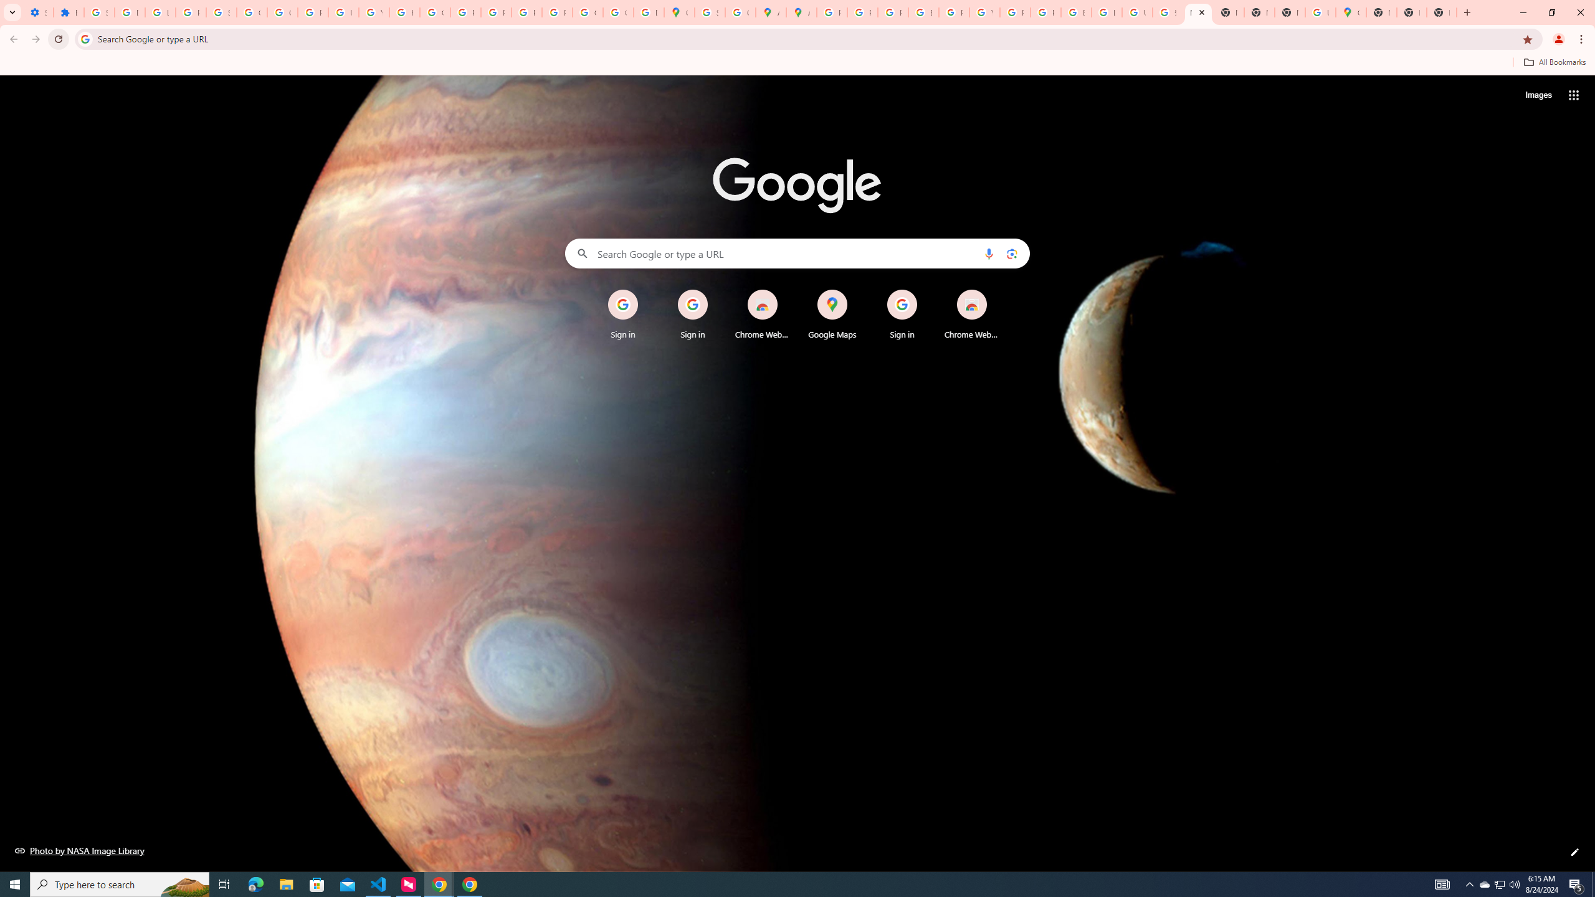 This screenshot has height=897, width=1595. I want to click on 'Search Google or type a URL', so click(797, 252).